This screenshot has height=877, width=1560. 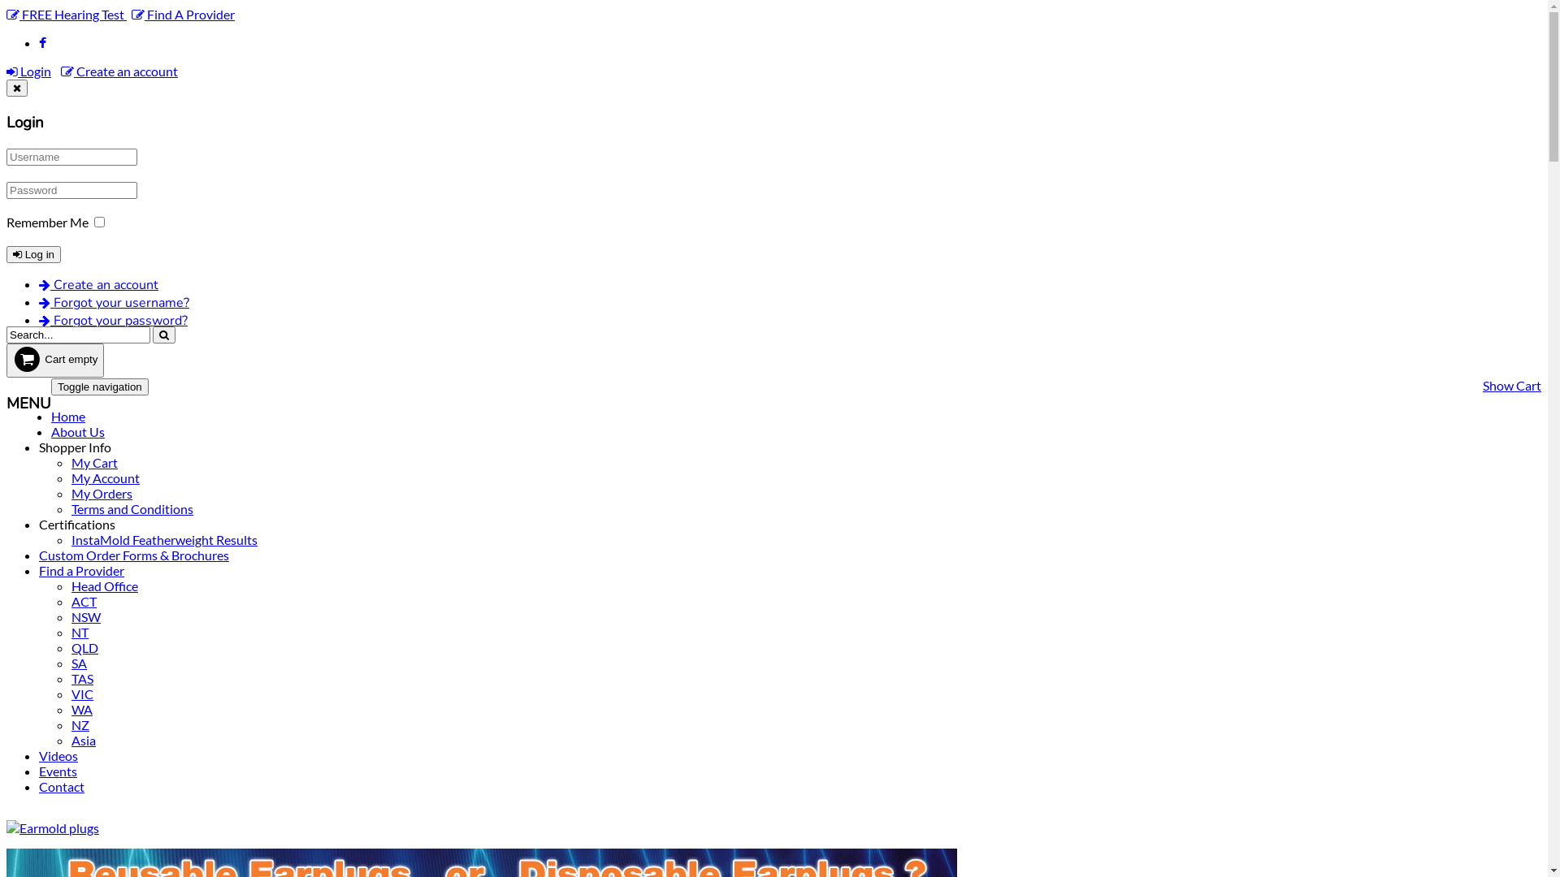 I want to click on 'My Orders', so click(x=101, y=492).